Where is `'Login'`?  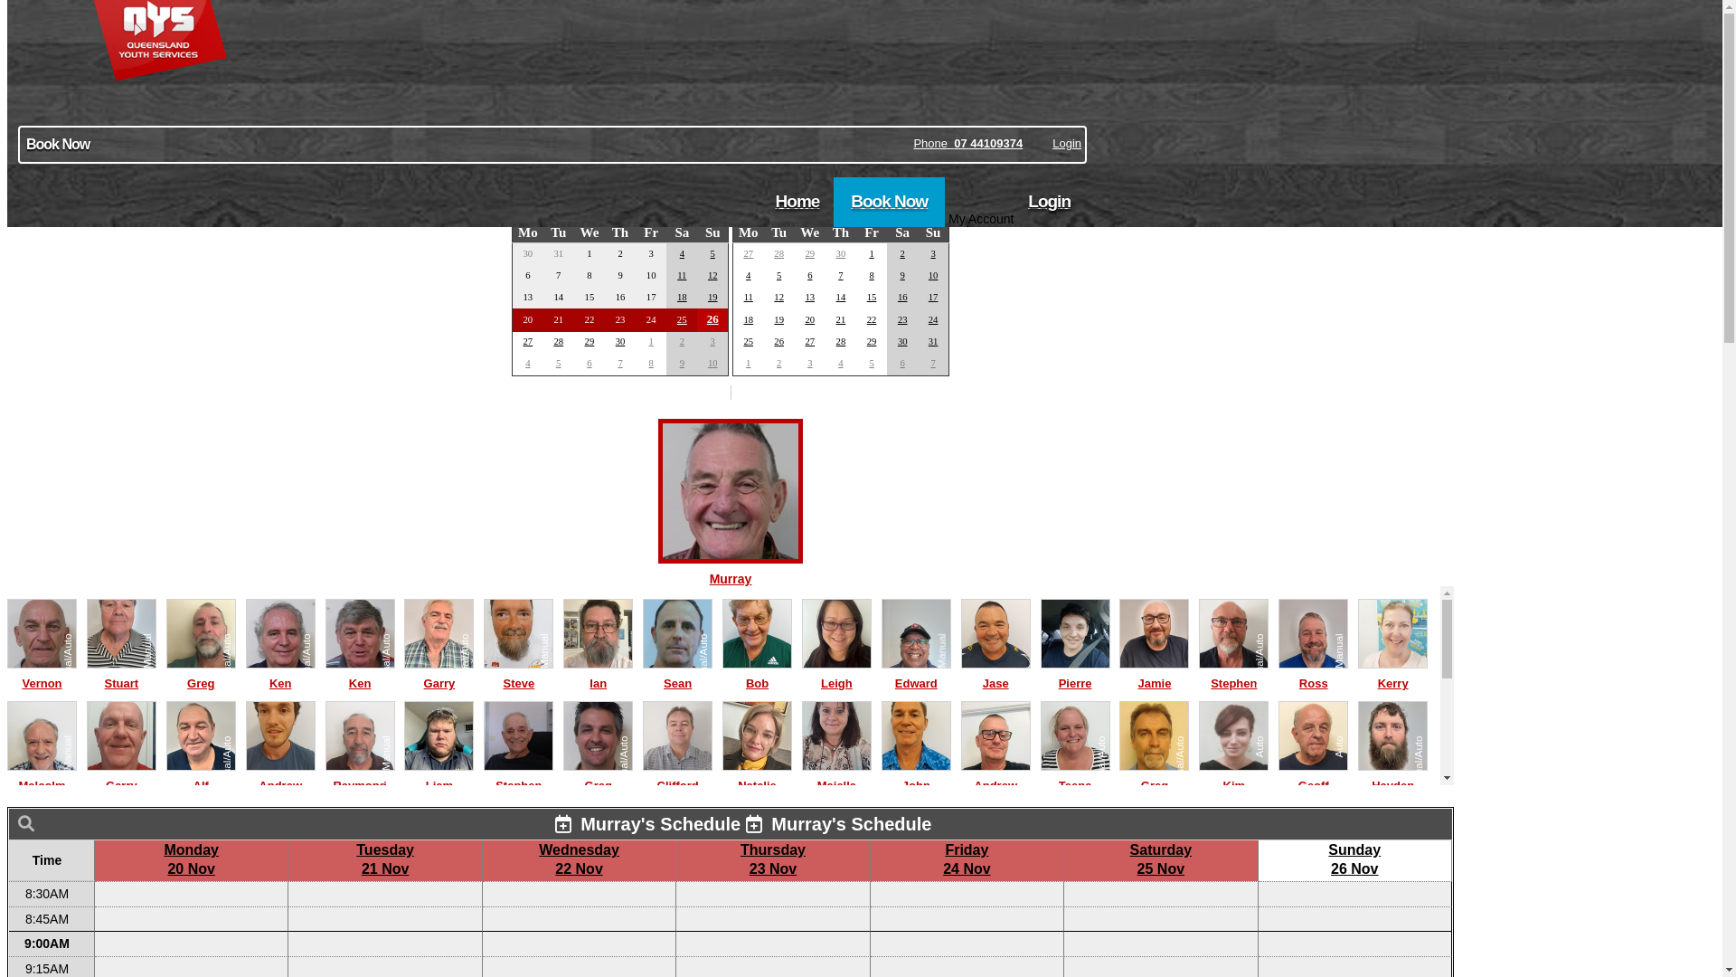 'Login' is located at coordinates (1052, 142).